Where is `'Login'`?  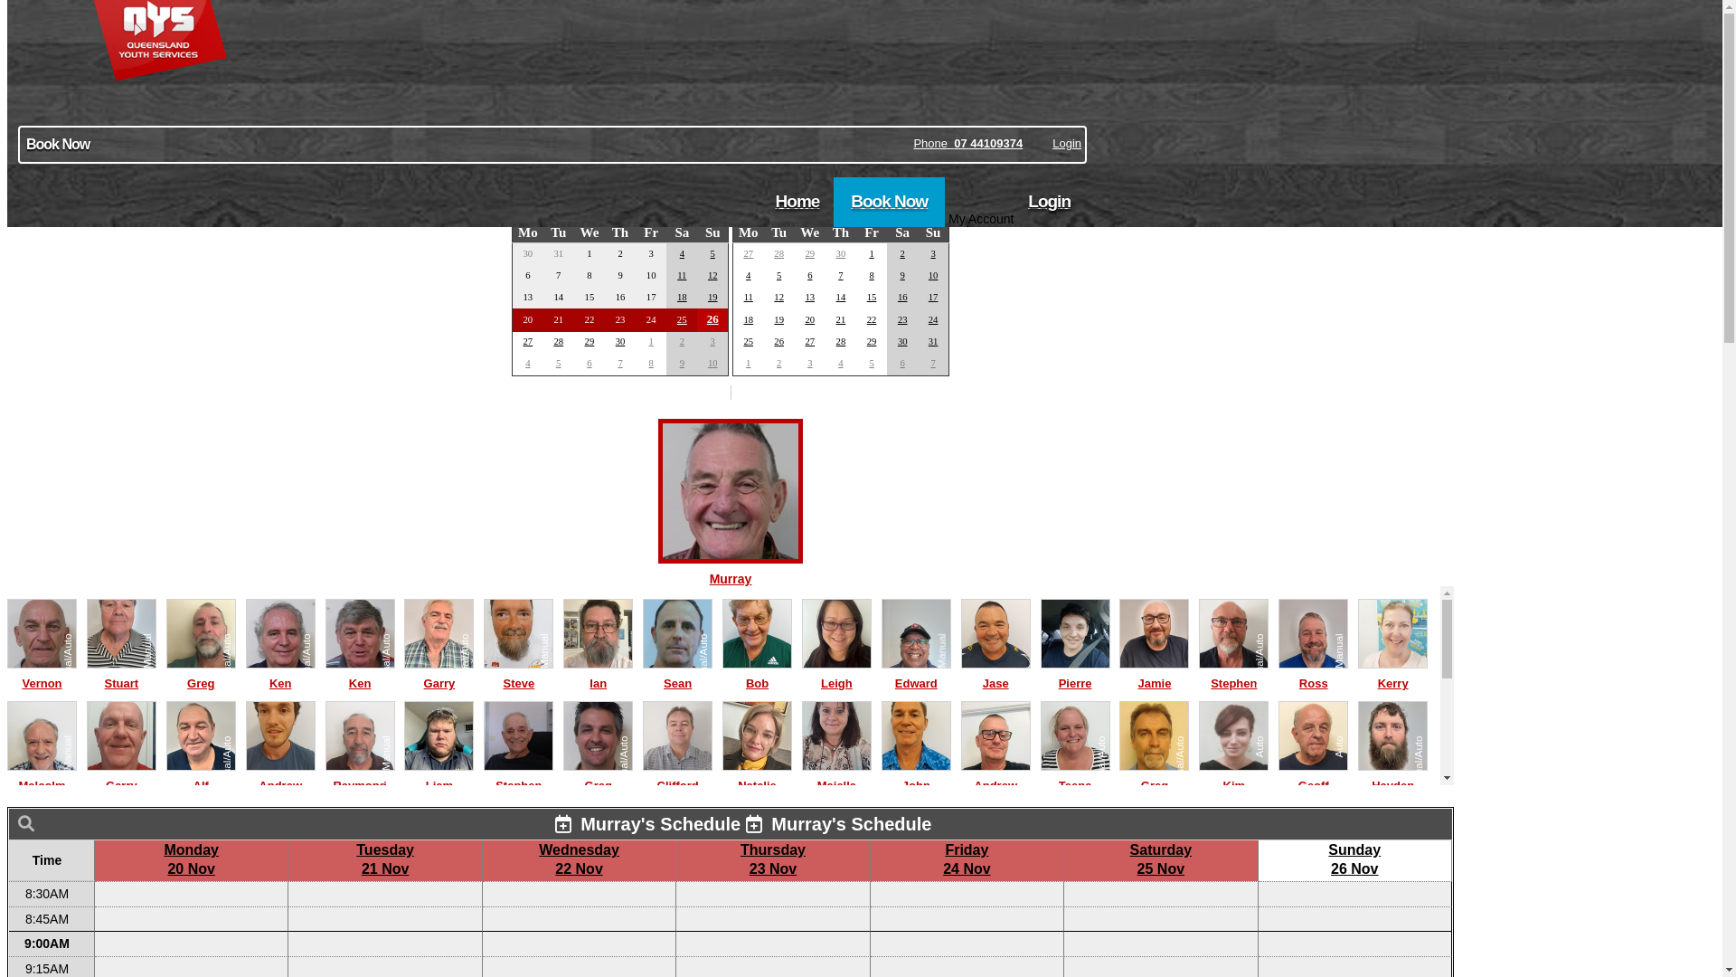 'Login' is located at coordinates (1052, 142).